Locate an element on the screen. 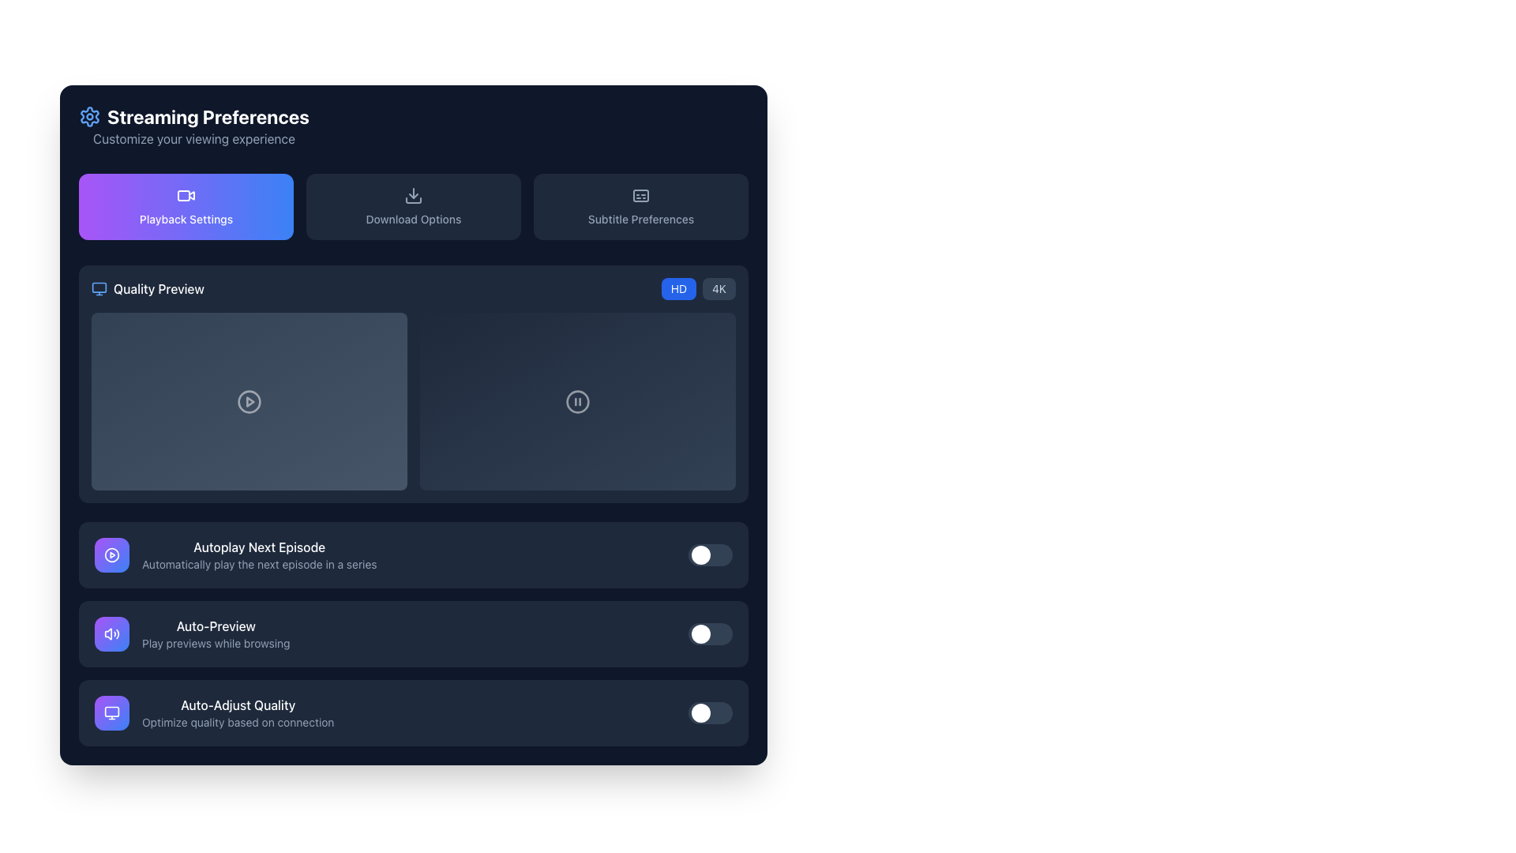 The height and width of the screenshot is (853, 1516). the 'Autoplay Next Episode' toggle switch component, which features a circular purple icon with a play symbol and descriptive text below it, located in the 'Playback Settings' section is located at coordinates (235, 554).